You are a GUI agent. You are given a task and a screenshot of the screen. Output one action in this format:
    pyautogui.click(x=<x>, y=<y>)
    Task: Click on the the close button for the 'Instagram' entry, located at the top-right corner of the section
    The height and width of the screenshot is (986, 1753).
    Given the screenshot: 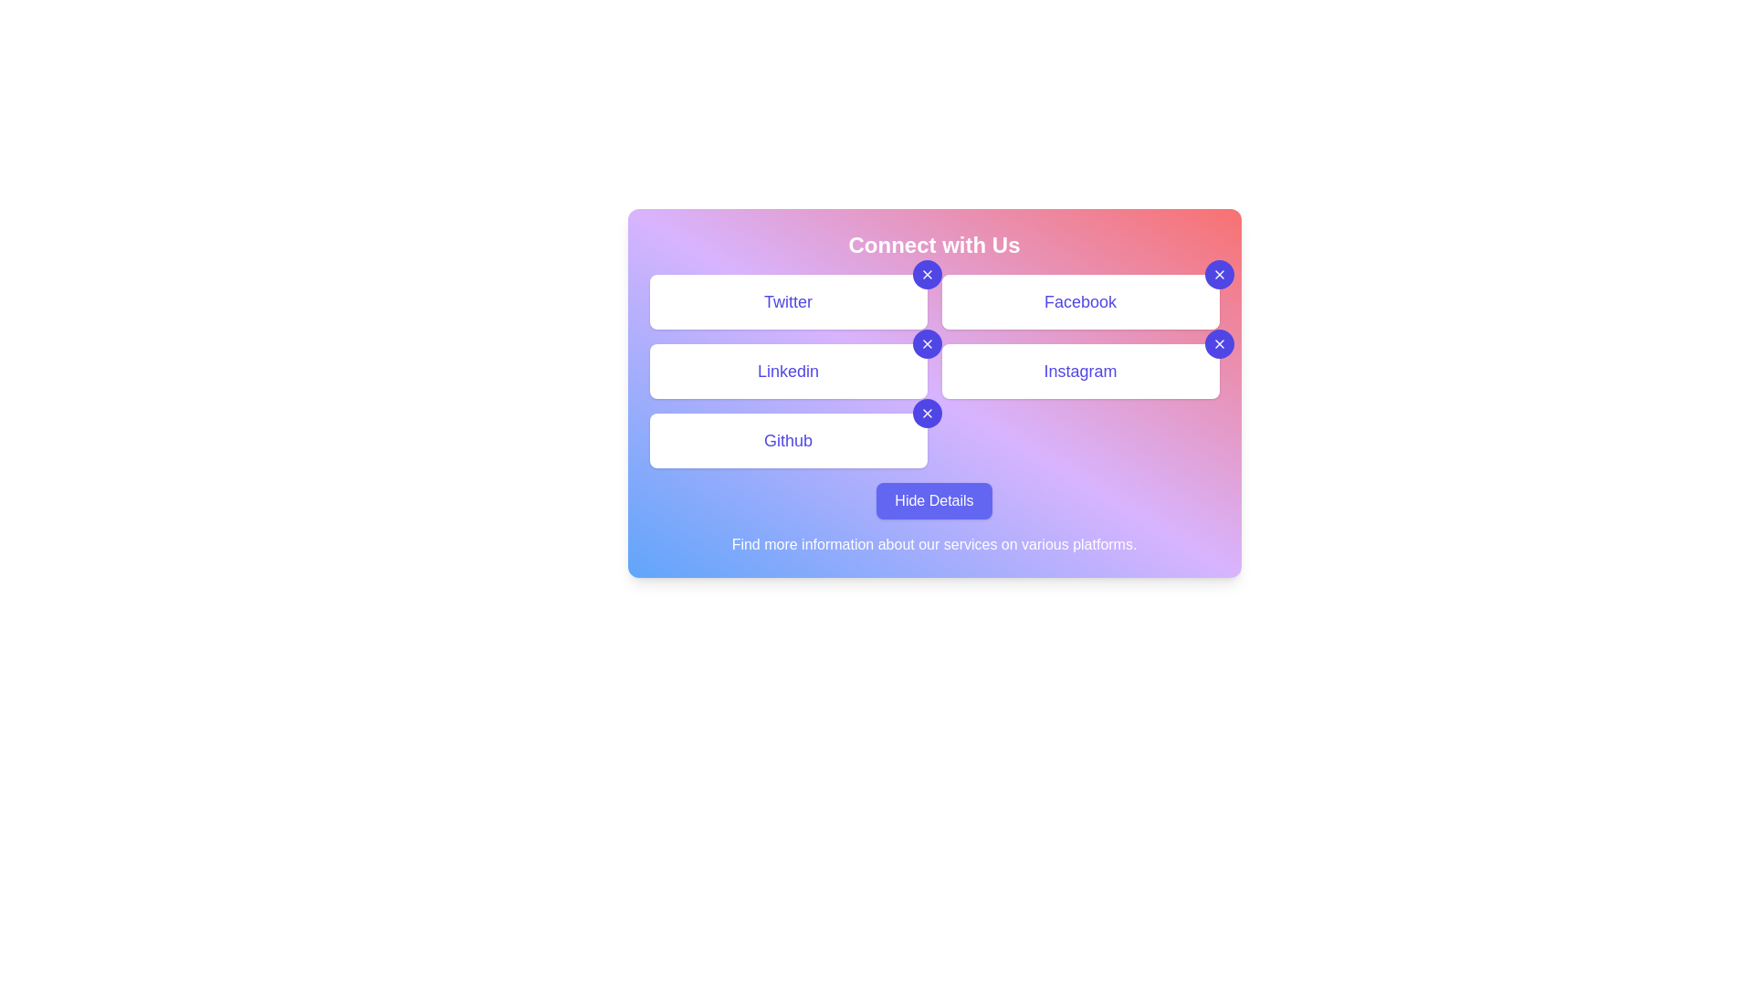 What is the action you would take?
    pyautogui.click(x=1219, y=344)
    